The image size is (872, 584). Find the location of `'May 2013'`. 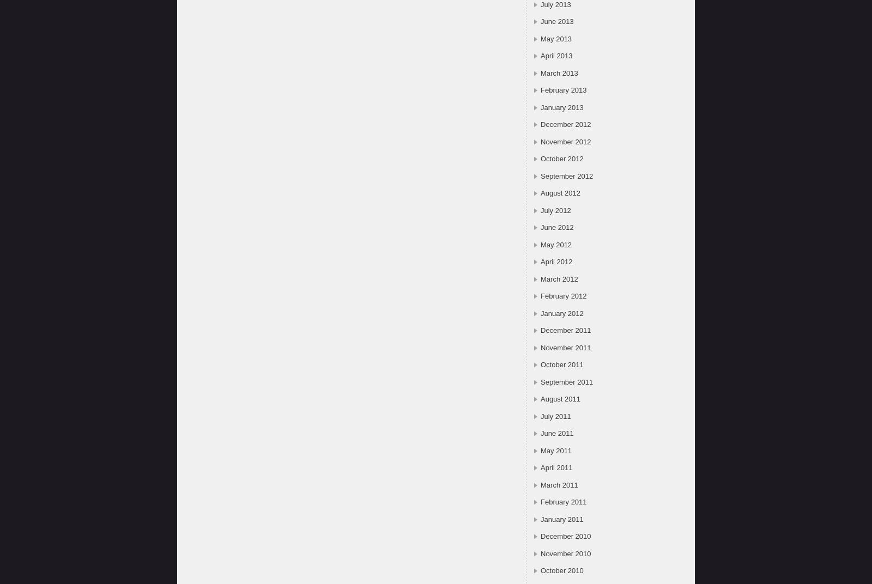

'May 2013' is located at coordinates (556, 38).